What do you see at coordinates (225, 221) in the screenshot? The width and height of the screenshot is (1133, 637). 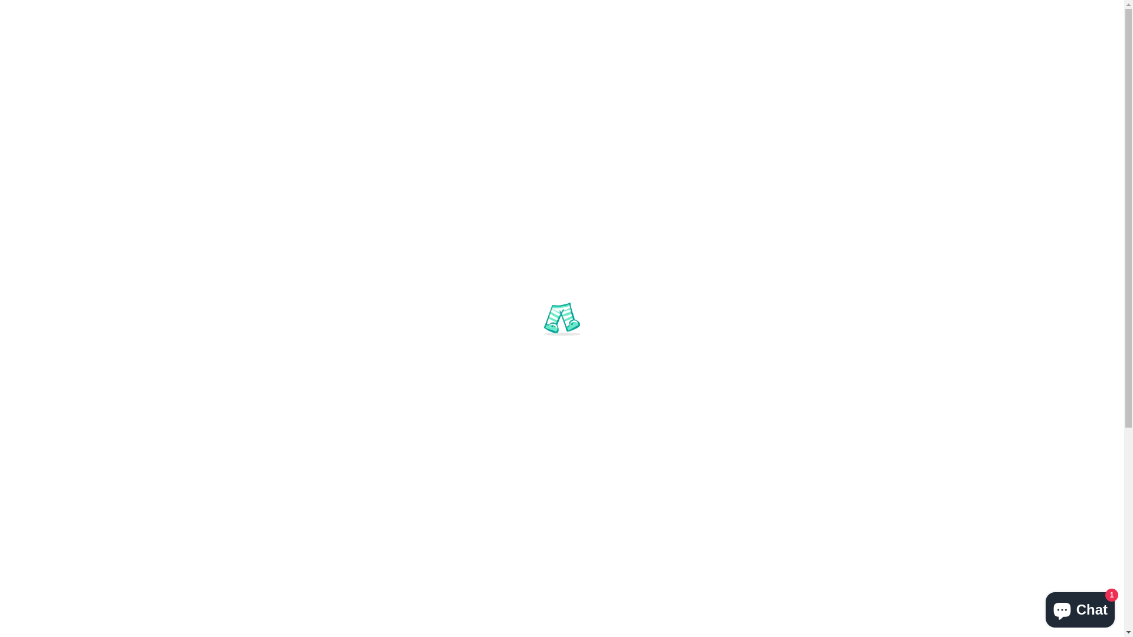 I see `'Home'` at bounding box center [225, 221].